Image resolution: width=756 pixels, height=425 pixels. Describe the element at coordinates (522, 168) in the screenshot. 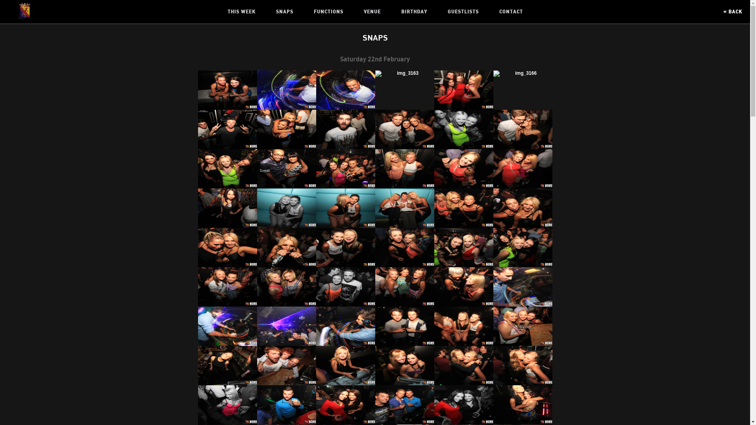

I see `' '` at that location.